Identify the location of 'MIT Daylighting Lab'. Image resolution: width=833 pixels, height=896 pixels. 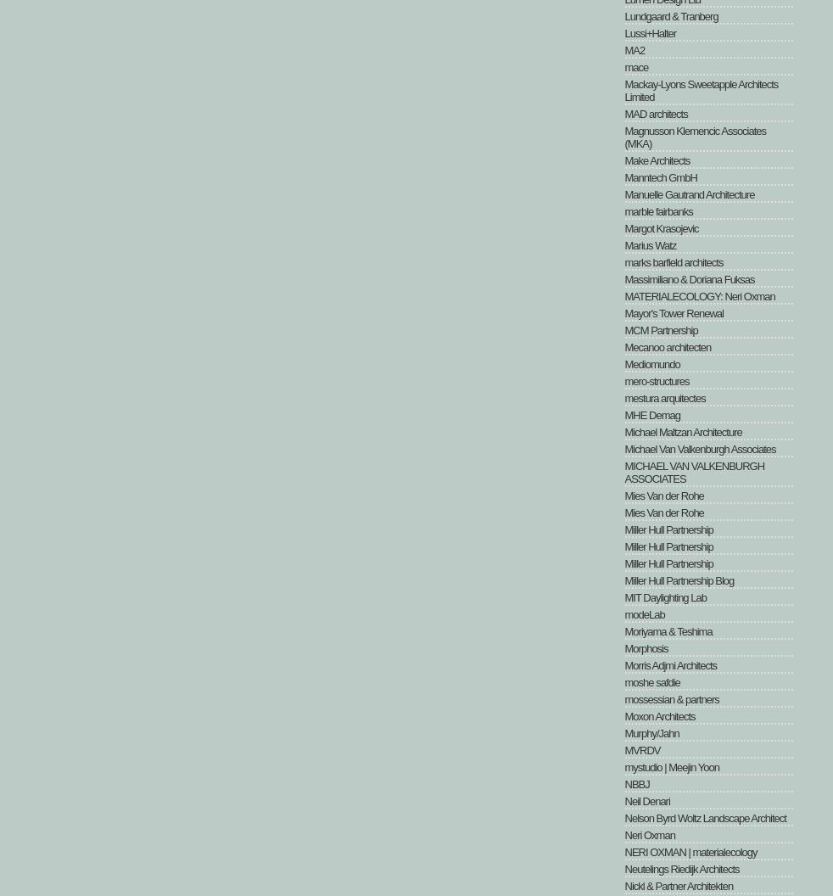
(665, 597).